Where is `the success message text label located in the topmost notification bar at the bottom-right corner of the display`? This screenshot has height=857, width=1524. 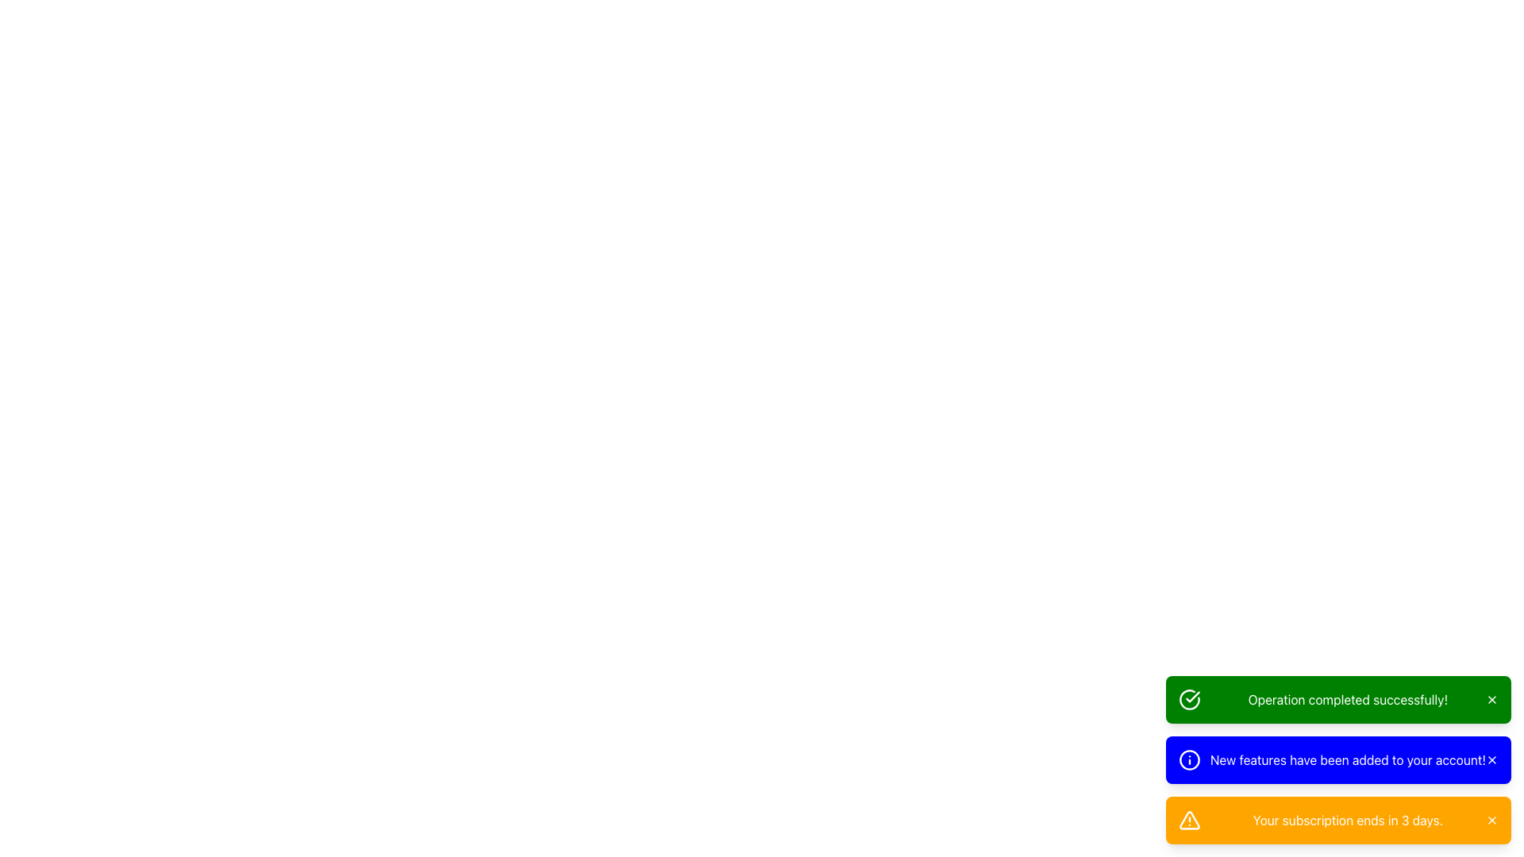
the success message text label located in the topmost notification bar at the bottom-right corner of the display is located at coordinates (1347, 699).